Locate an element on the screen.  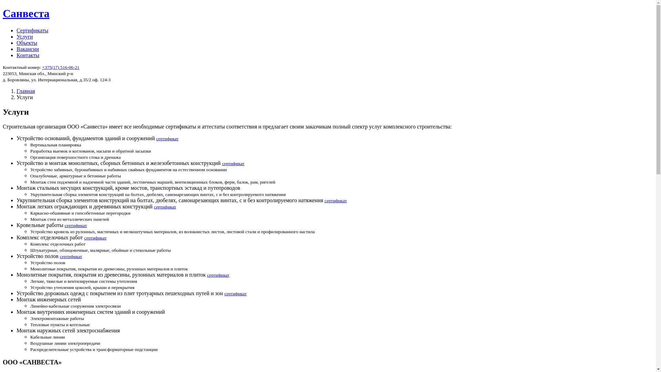
'+375(17) 516-06-21' is located at coordinates (41, 67).